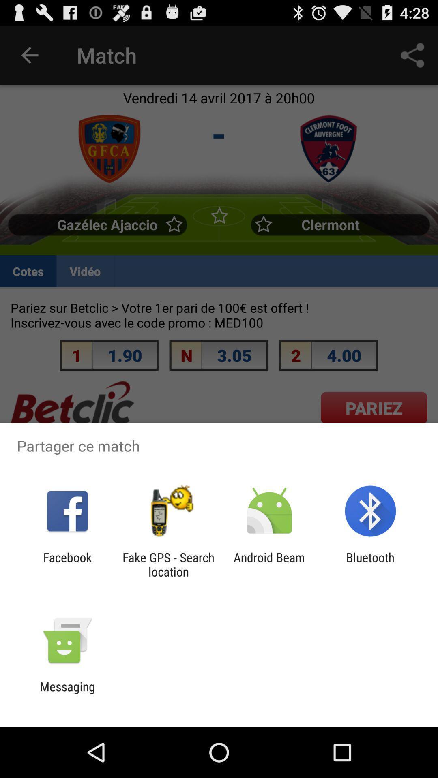 The width and height of the screenshot is (438, 778). I want to click on app next to facebook icon, so click(168, 564).